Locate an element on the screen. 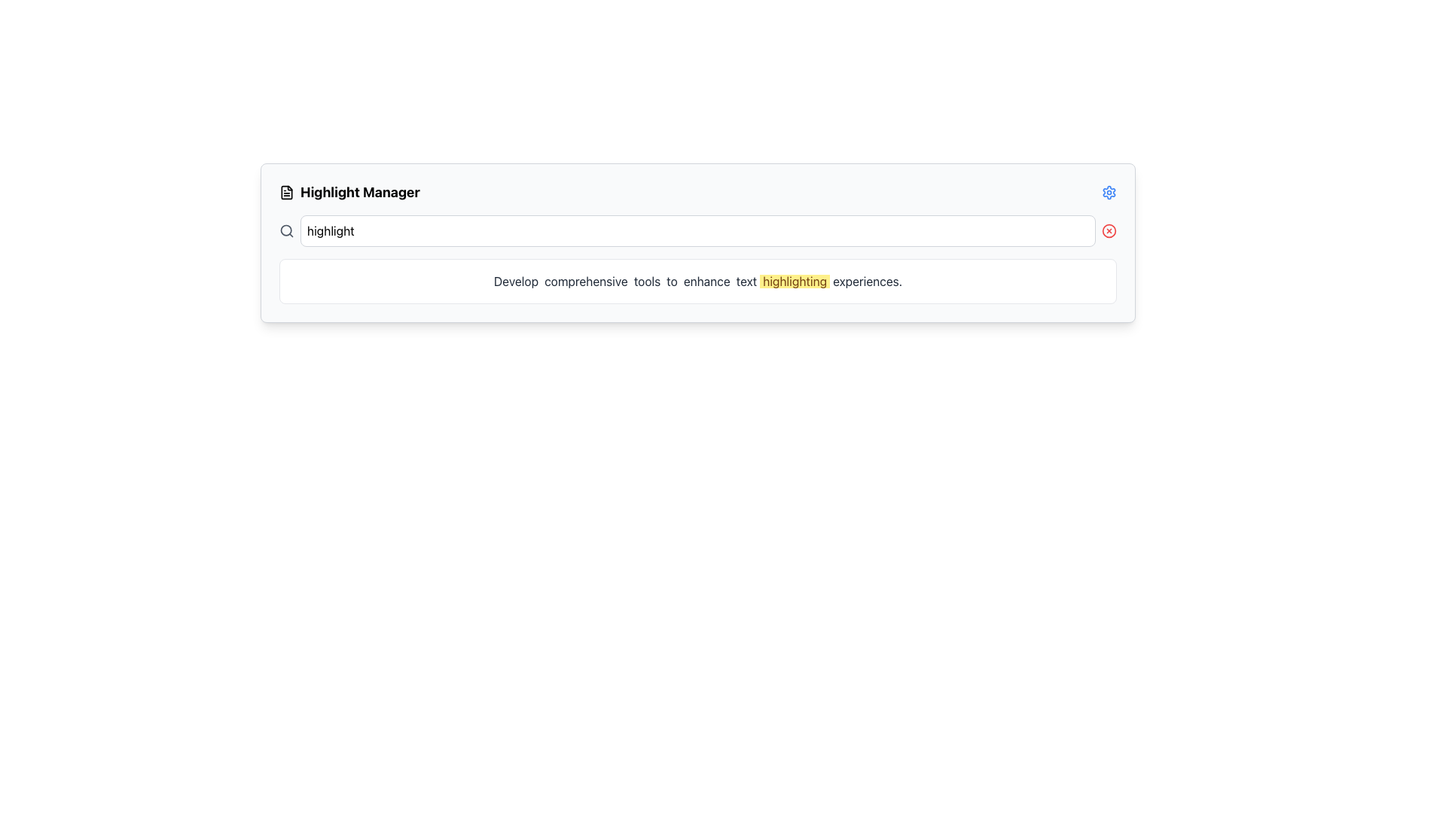 The width and height of the screenshot is (1446, 813). the 'Highlight Manager' icon located in the header area, positioned to the left of the text label 'Highlight Manager' is located at coordinates (286, 191).